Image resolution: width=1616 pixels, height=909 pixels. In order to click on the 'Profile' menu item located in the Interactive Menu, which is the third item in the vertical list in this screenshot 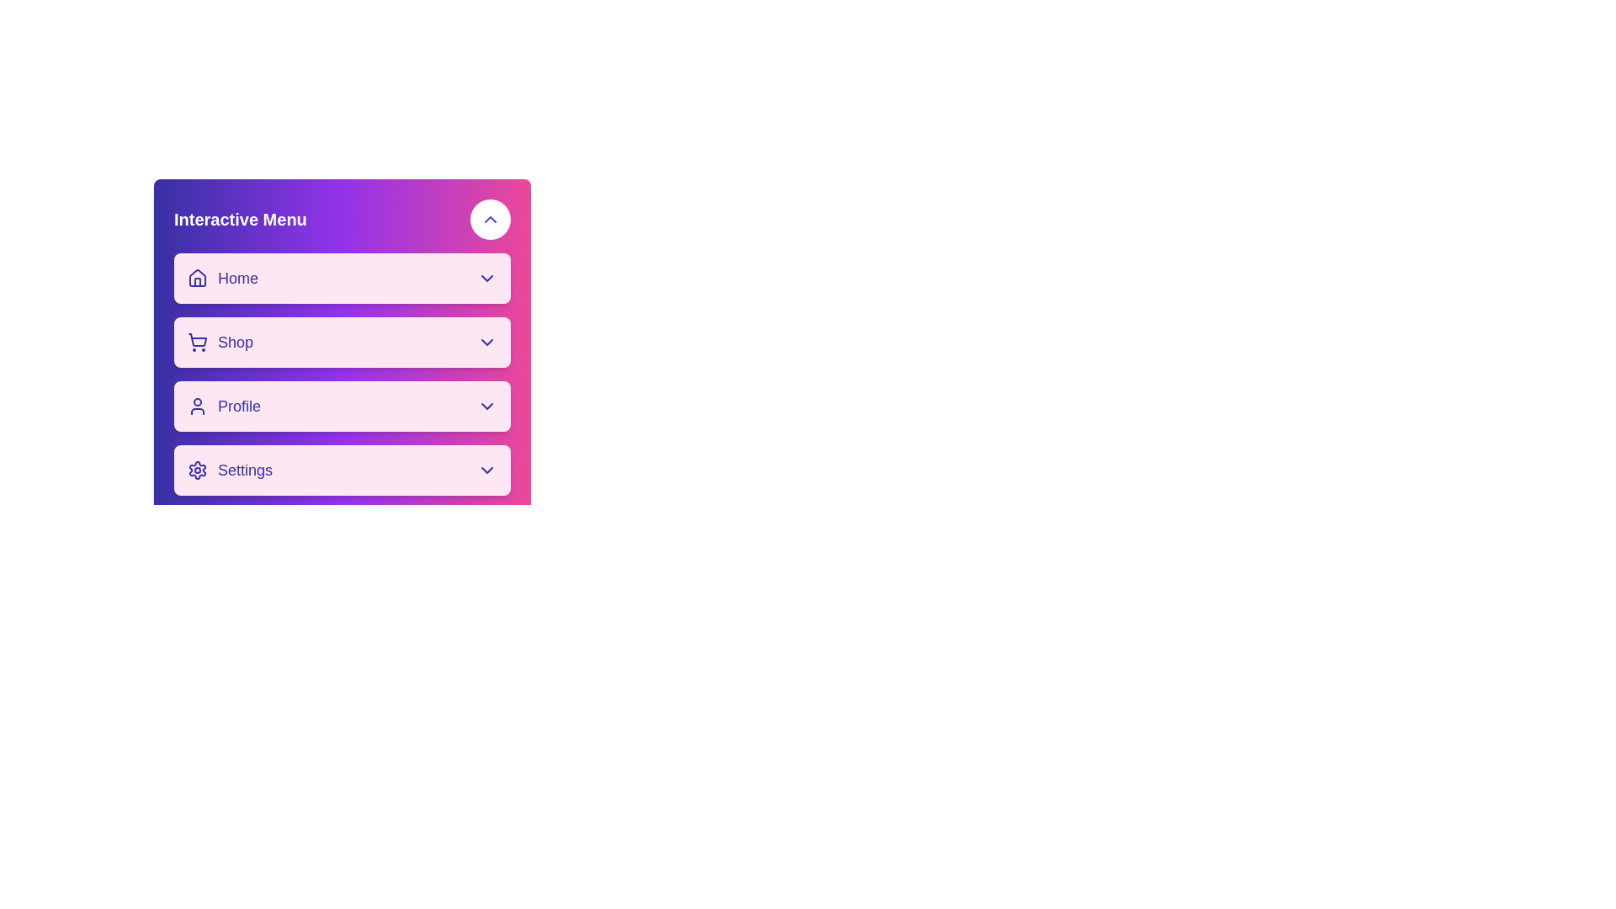, I will do `click(342, 380)`.